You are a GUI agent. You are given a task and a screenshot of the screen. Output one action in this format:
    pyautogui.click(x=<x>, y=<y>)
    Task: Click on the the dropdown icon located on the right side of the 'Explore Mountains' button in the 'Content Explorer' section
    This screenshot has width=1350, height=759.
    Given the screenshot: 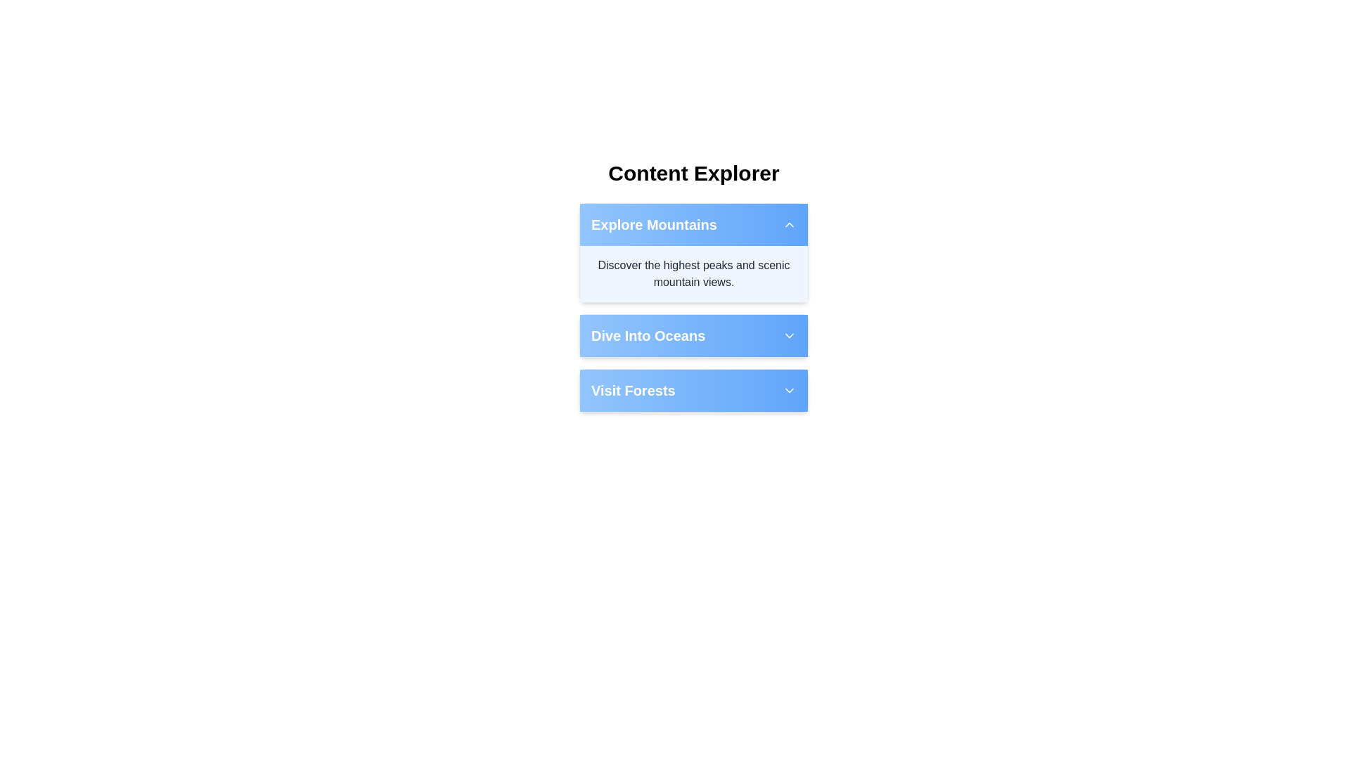 What is the action you would take?
    pyautogui.click(x=790, y=224)
    